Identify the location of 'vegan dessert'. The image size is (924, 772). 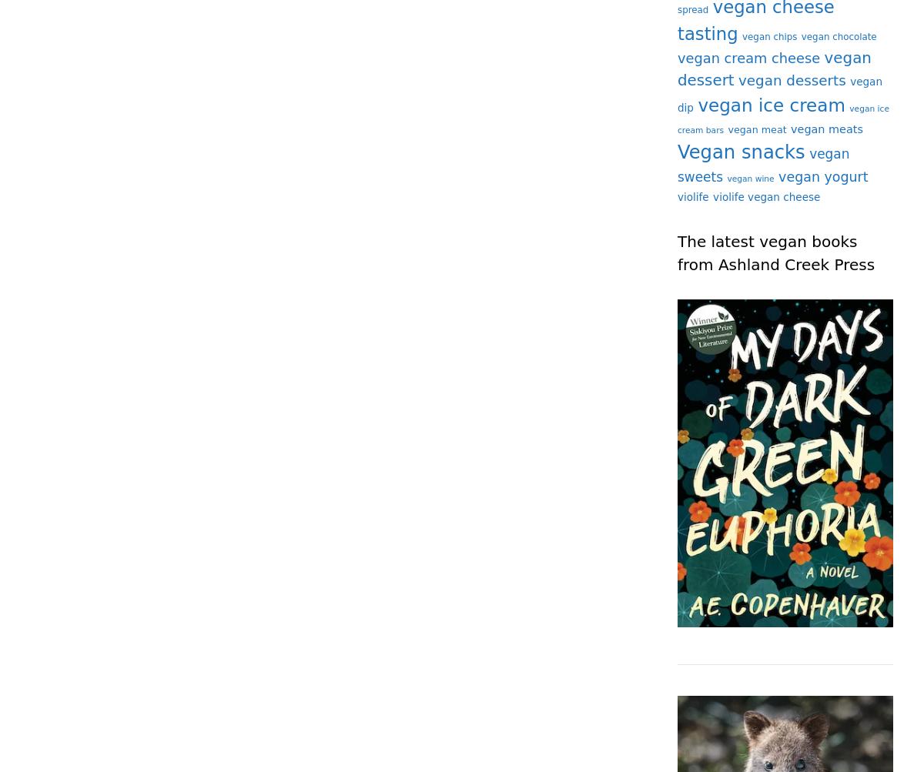
(774, 69).